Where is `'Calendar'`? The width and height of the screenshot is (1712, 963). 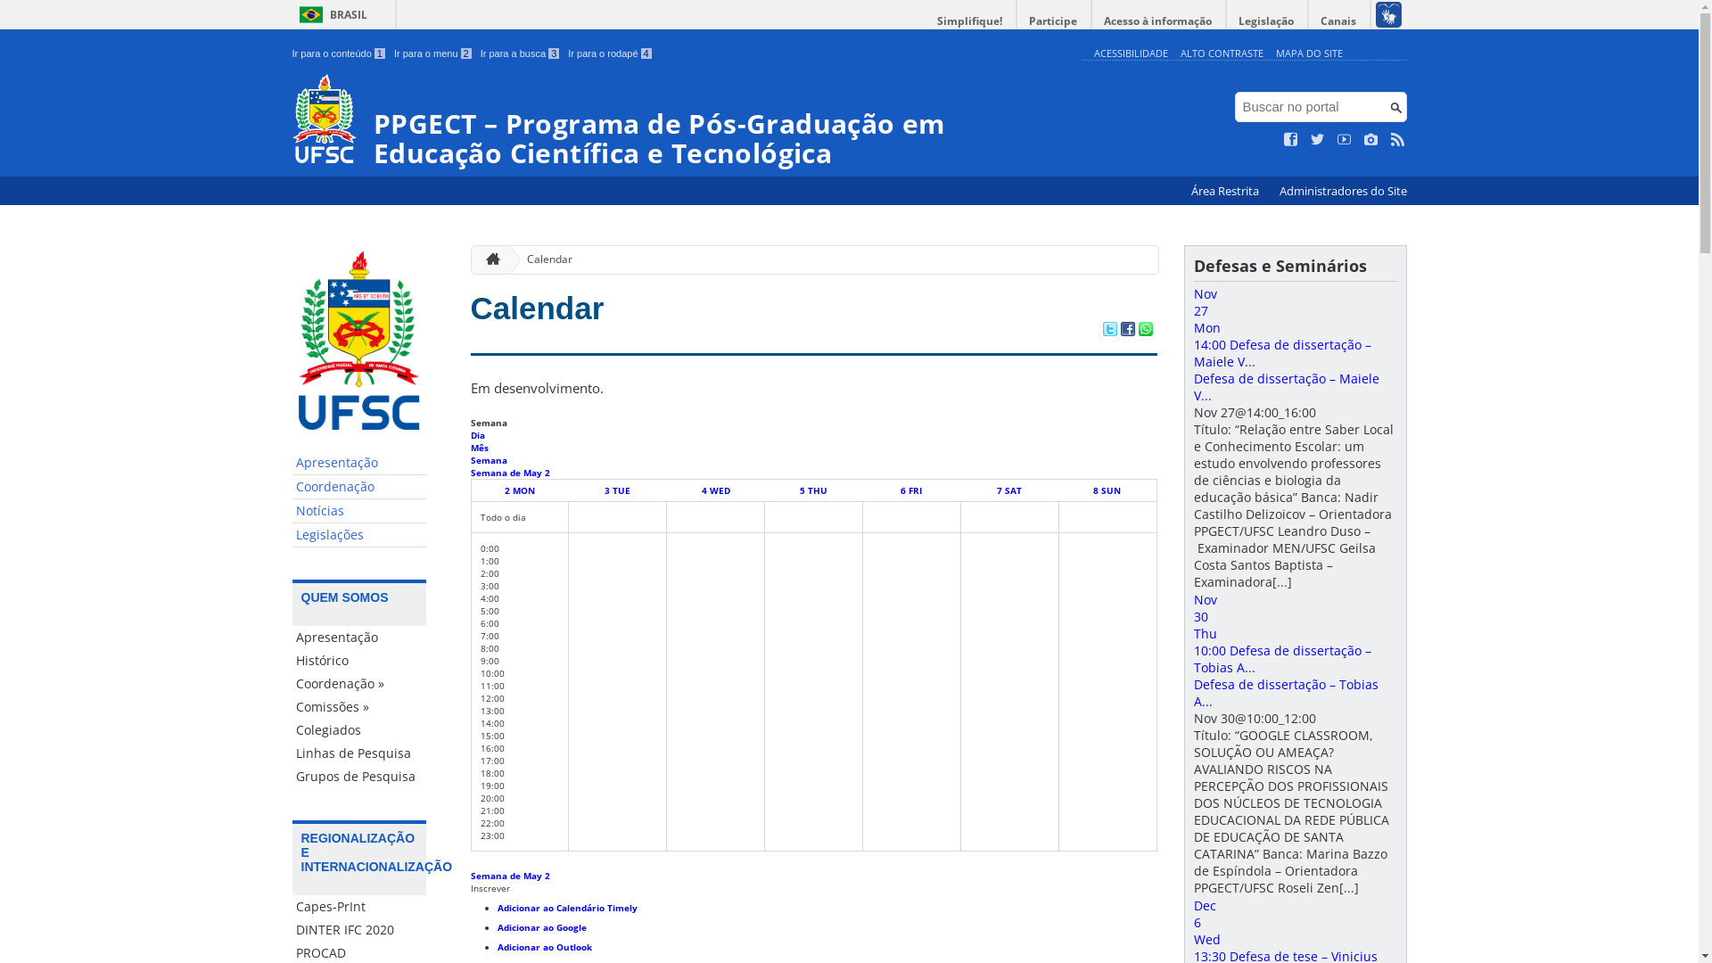 'Calendar' is located at coordinates (537, 307).